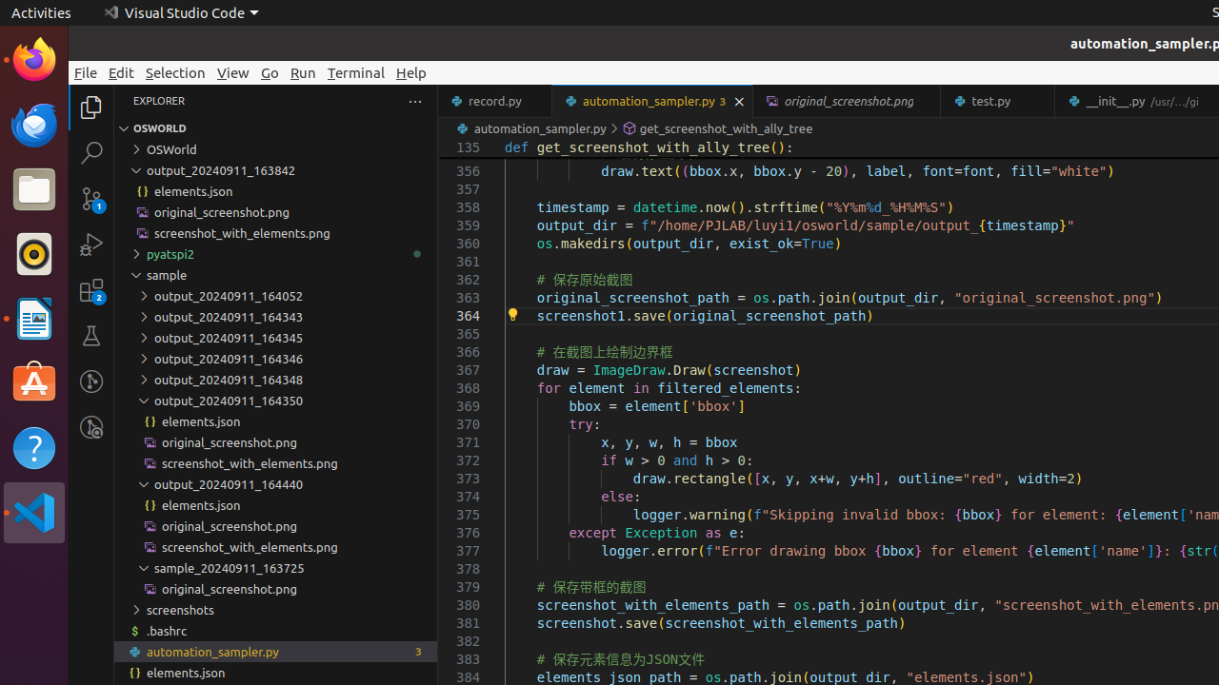 The image size is (1219, 685). What do you see at coordinates (274, 567) in the screenshot?
I see `'sample_20240911_163725'` at bounding box center [274, 567].